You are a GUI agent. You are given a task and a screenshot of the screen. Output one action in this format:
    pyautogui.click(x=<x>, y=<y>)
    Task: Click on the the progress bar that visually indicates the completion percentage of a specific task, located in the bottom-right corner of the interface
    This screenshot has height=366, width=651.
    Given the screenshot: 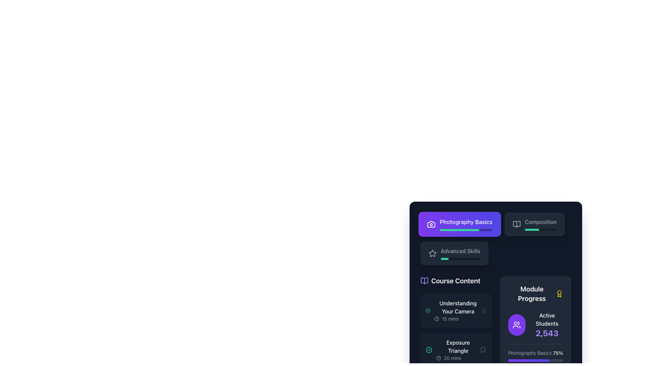 What is the action you would take?
    pyautogui.click(x=531, y=229)
    